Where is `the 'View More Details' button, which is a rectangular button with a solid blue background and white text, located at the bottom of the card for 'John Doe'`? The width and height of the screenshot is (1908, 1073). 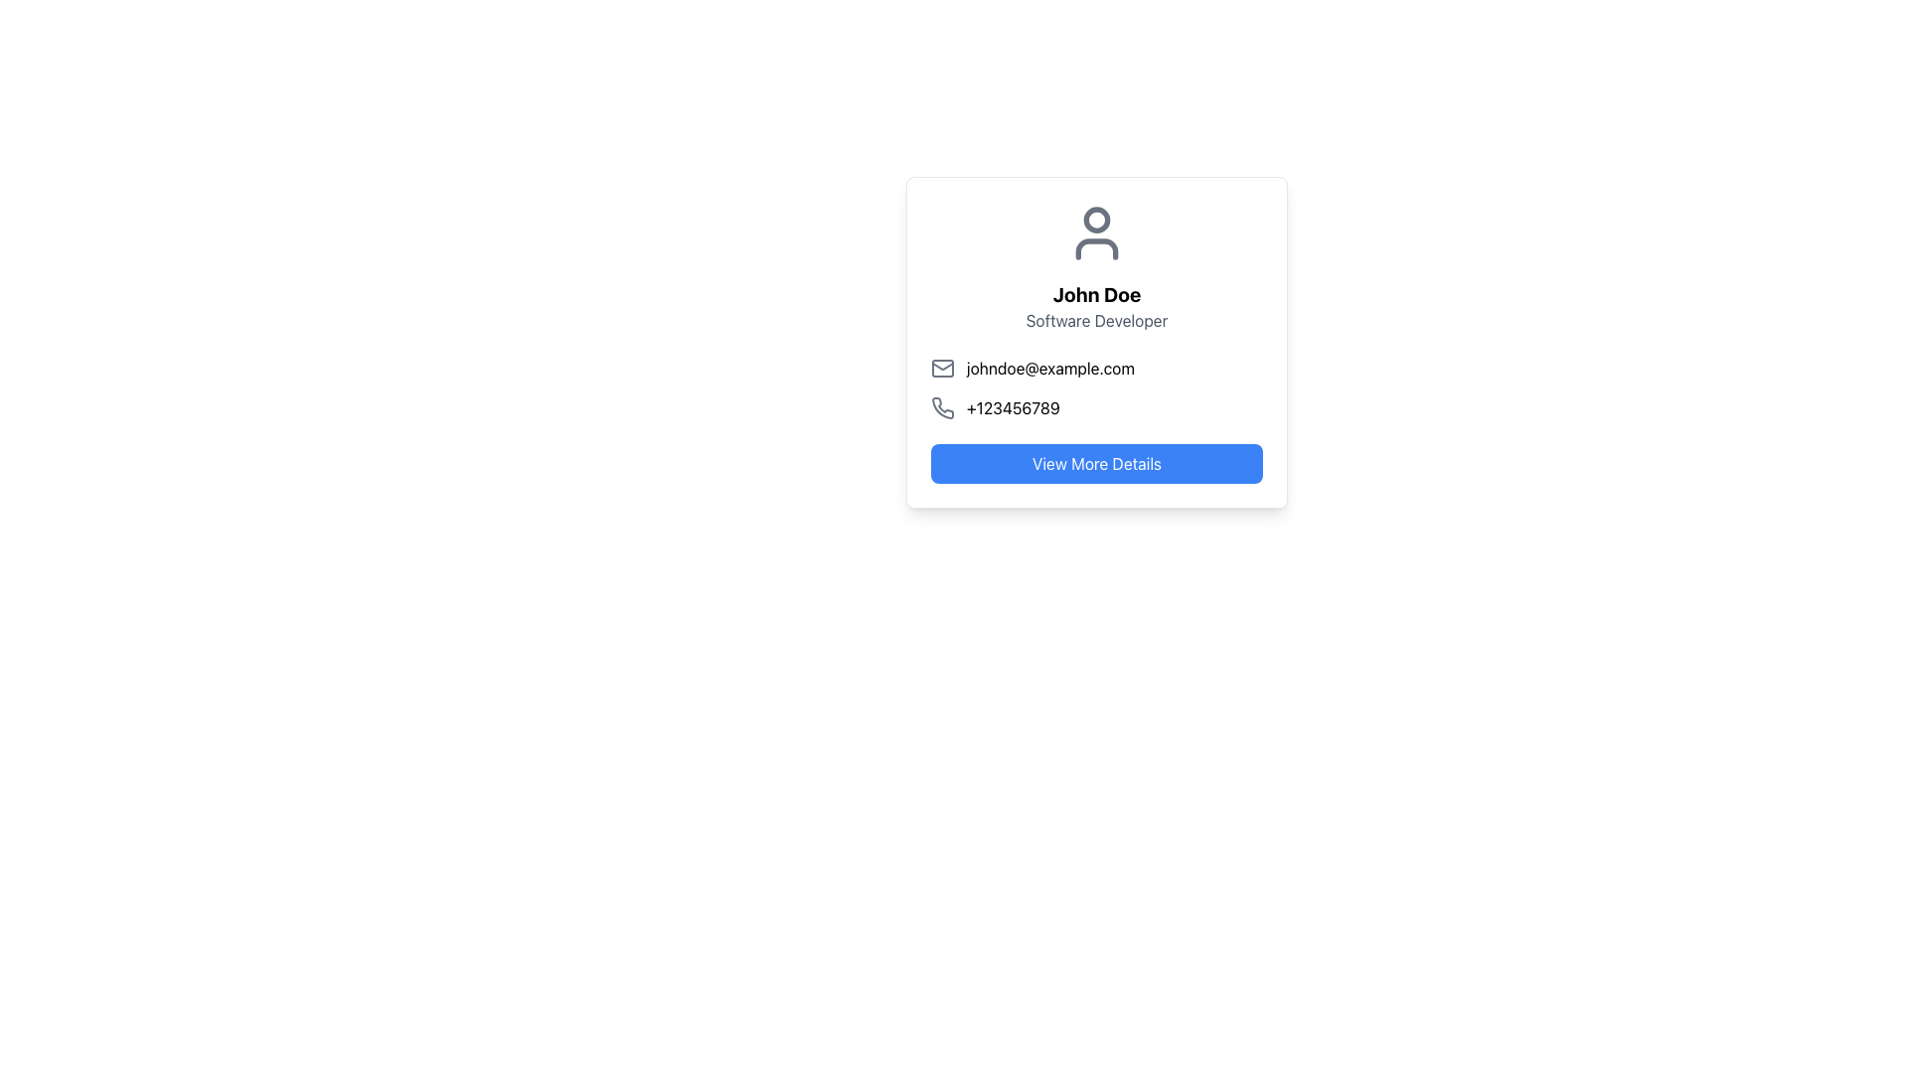 the 'View More Details' button, which is a rectangular button with a solid blue background and white text, located at the bottom of the card for 'John Doe' is located at coordinates (1096, 463).